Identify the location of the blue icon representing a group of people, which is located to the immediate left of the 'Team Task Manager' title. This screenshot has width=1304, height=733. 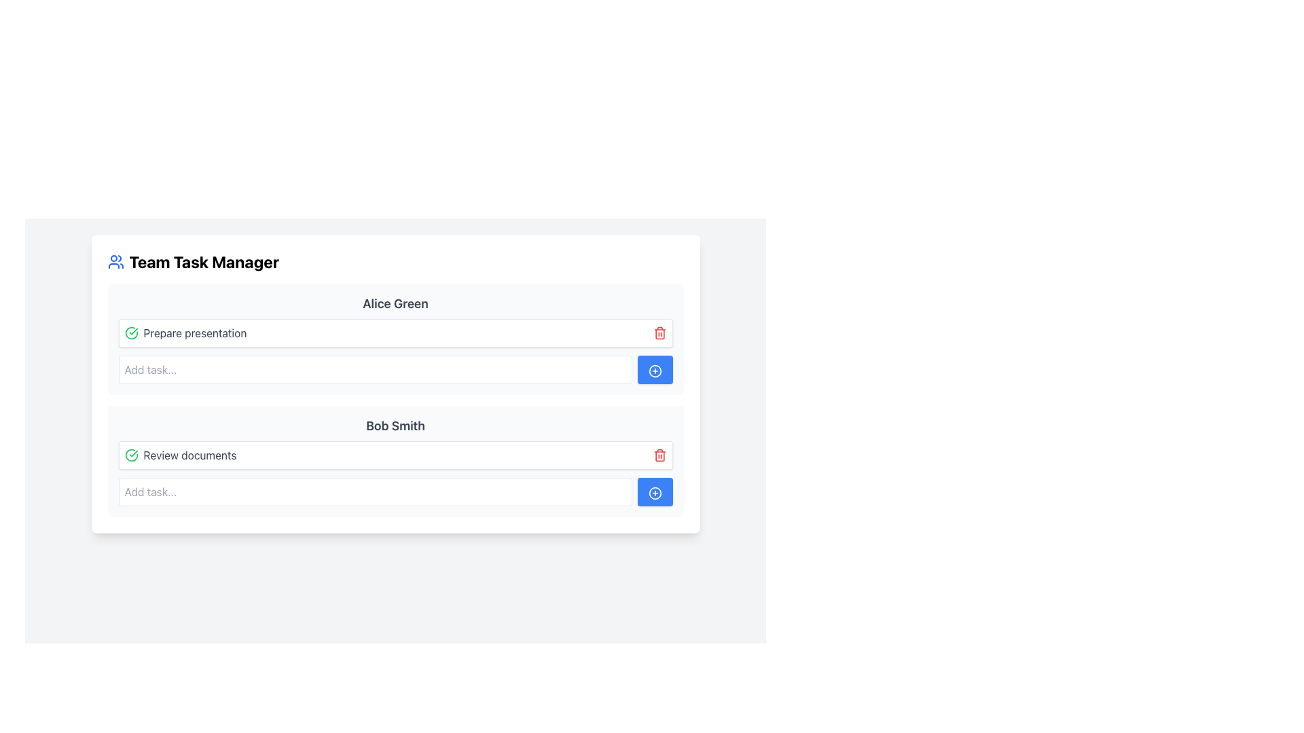
(115, 261).